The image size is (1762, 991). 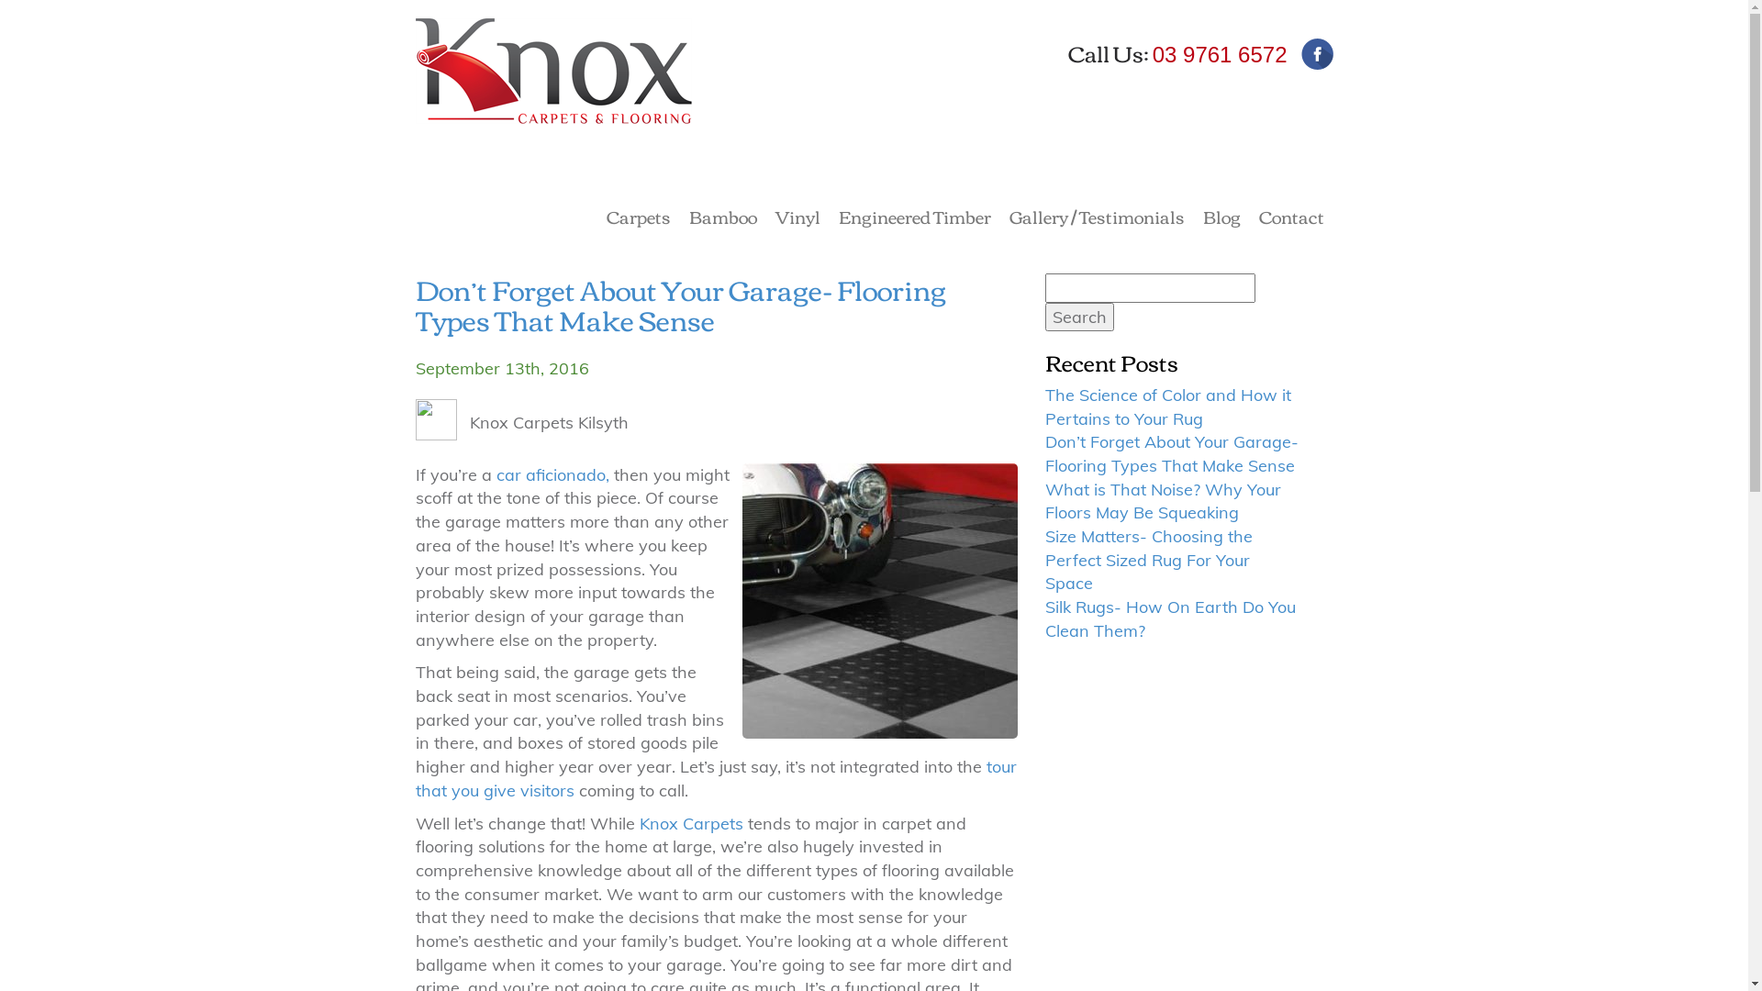 I want to click on '03 9761 6572', so click(x=1152, y=53).